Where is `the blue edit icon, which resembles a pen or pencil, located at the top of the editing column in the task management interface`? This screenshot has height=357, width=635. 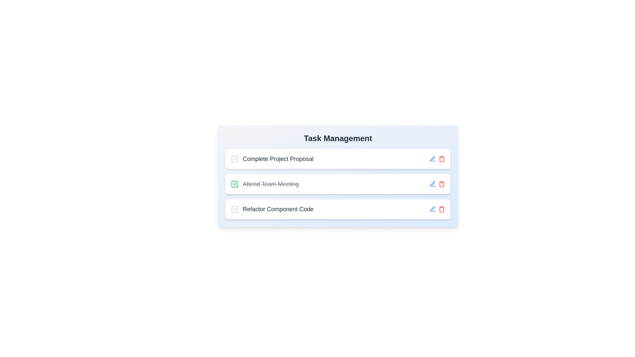 the blue edit icon, which resembles a pen or pencil, located at the top of the editing column in the task management interface is located at coordinates (432, 184).